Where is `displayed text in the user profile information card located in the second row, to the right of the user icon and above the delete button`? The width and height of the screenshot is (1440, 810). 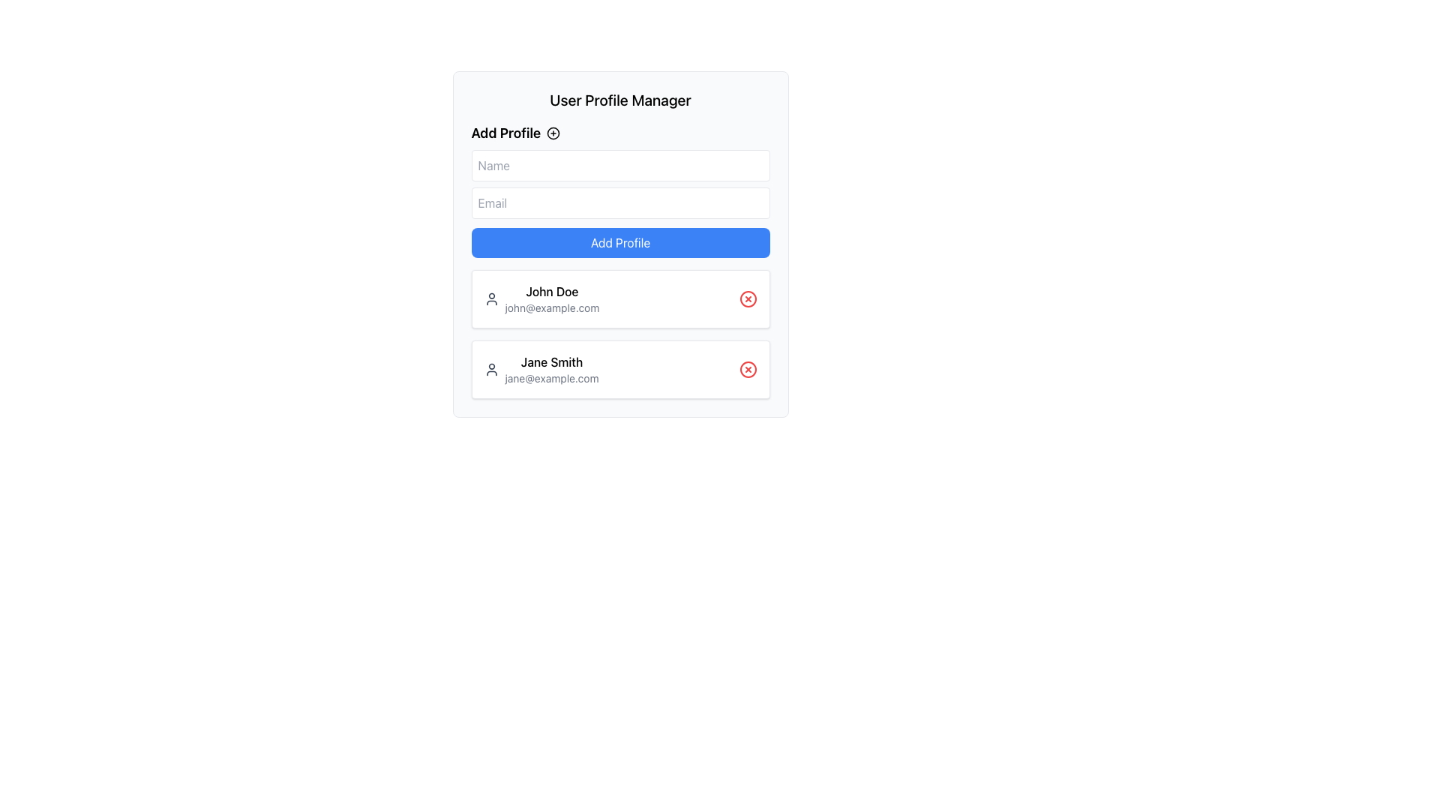
displayed text in the user profile information card located in the second row, to the right of the user icon and above the delete button is located at coordinates (550, 370).